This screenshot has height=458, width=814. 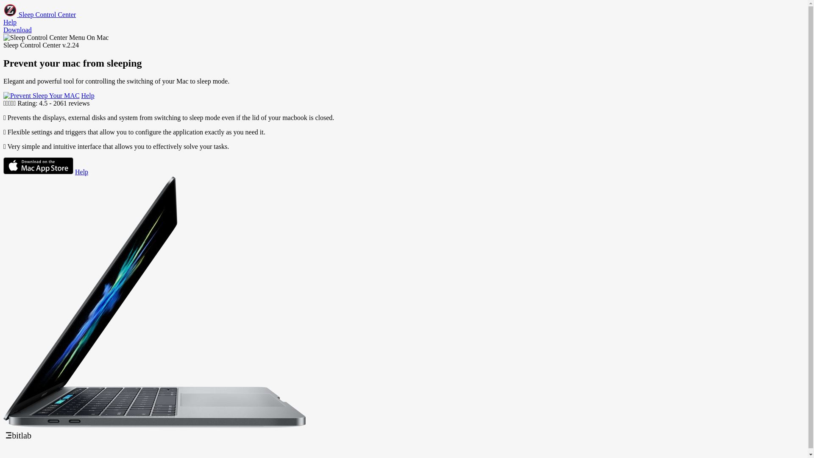 I want to click on 'Download Sleep Control Center', so click(x=41, y=95).